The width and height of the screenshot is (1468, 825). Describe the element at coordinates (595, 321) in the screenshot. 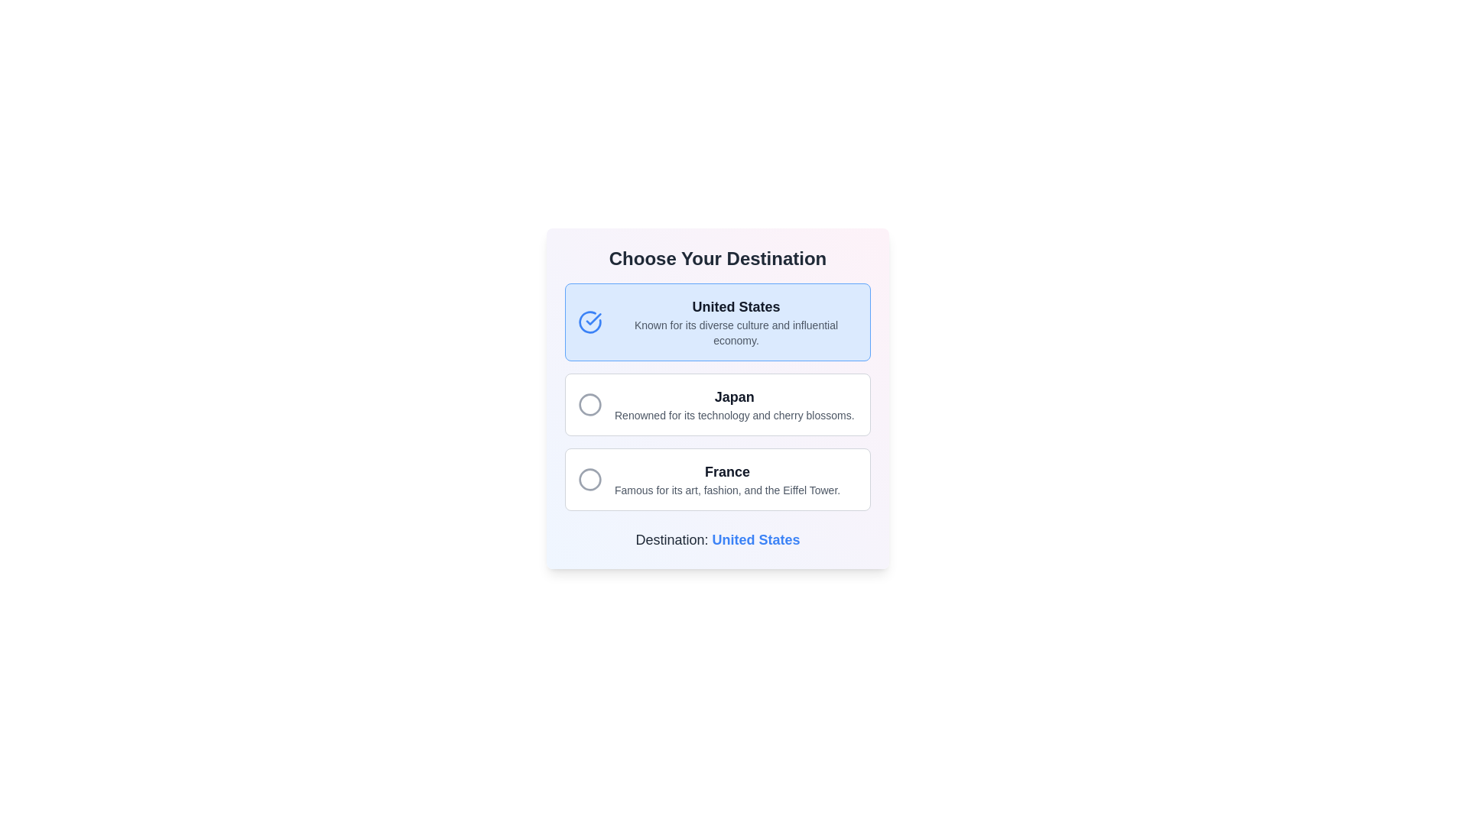

I see `the graphical indicator marking the 'United States' option in the choice menu to visually confirm selection` at that location.